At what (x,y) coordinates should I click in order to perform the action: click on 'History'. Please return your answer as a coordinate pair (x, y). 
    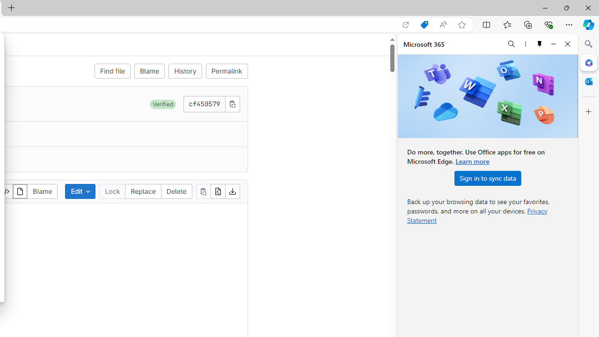
    Looking at the image, I should click on (185, 70).